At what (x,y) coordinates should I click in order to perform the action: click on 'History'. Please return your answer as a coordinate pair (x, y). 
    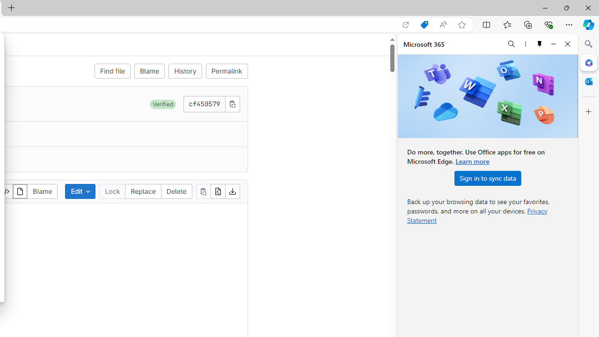
    Looking at the image, I should click on (185, 70).